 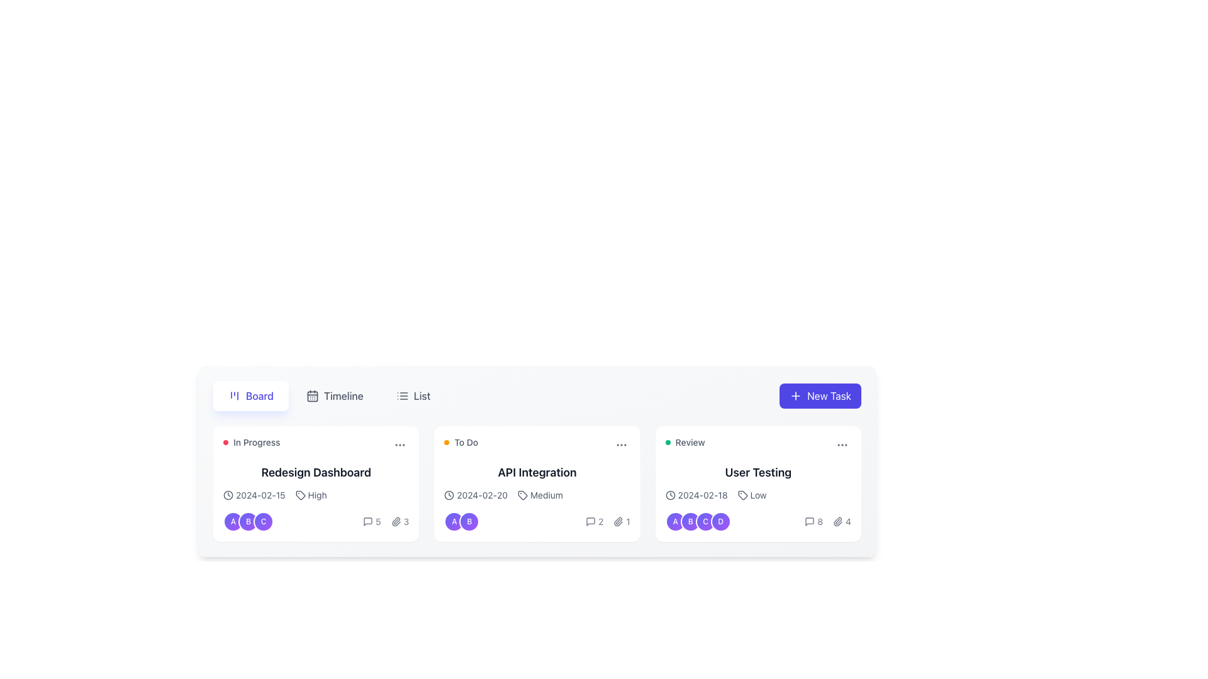 I want to click on the button labeled 'Board', which is the first button in a group of similar buttons located at the top-left of the interface, so click(x=250, y=395).